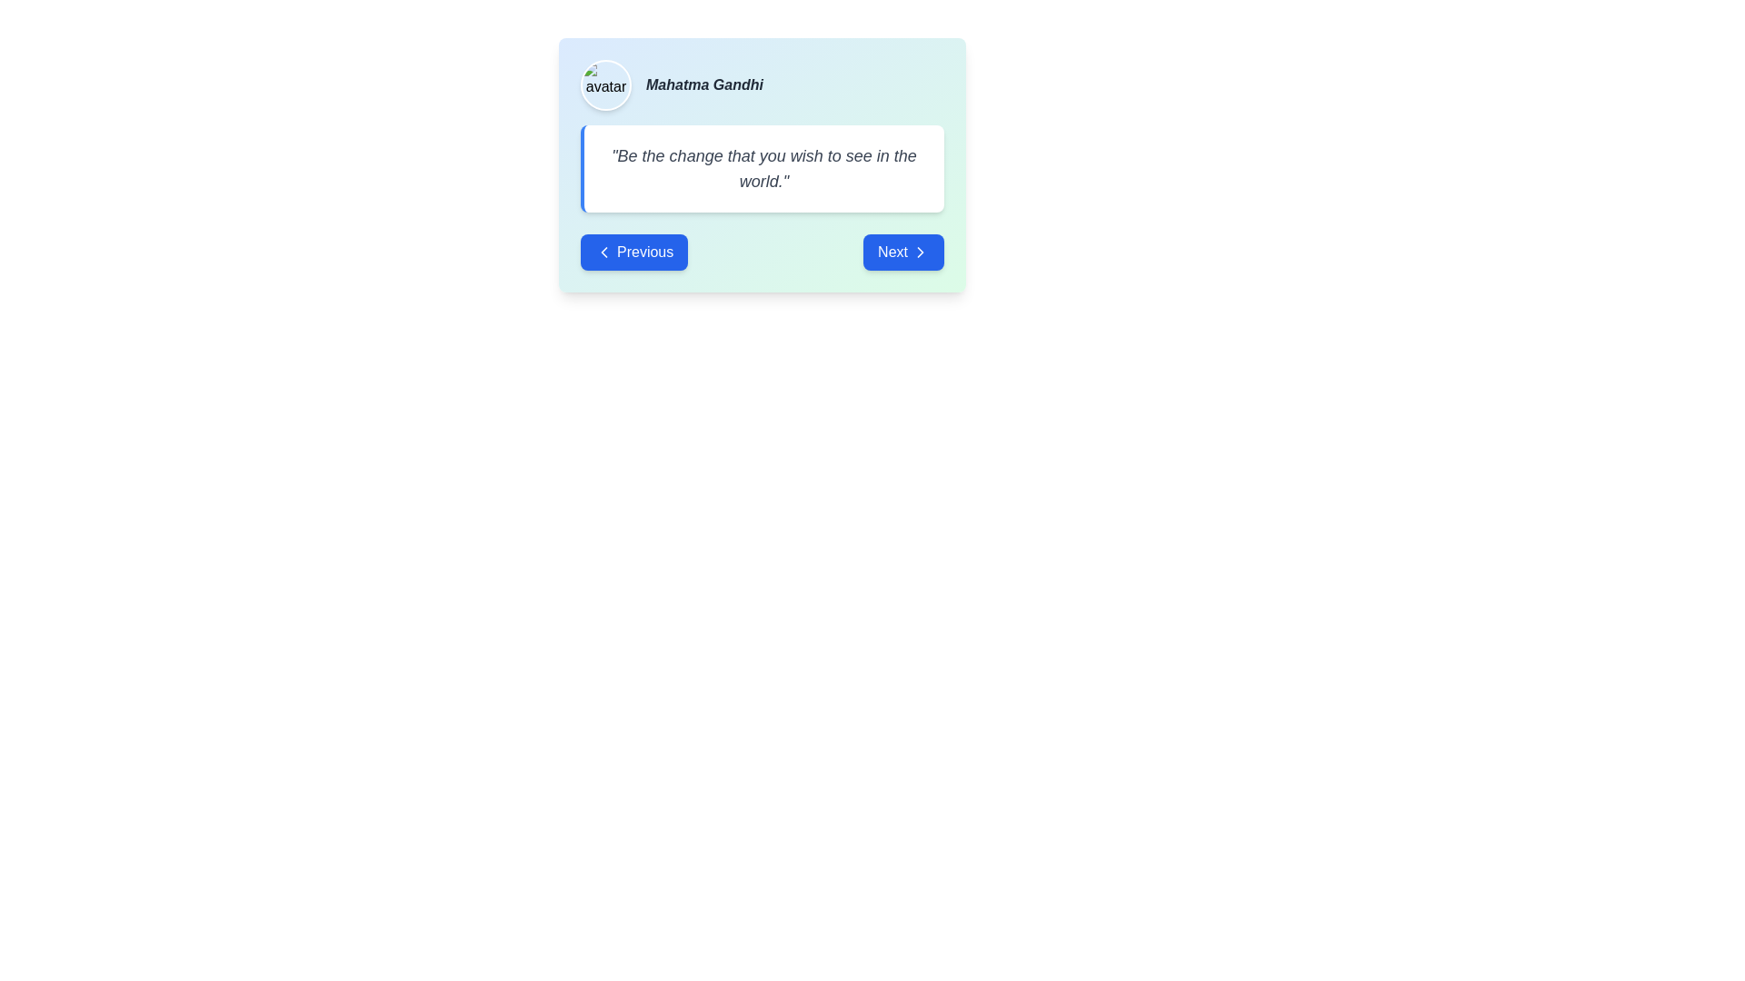 This screenshot has width=1745, height=981. Describe the element at coordinates (703, 84) in the screenshot. I see `text label displaying 'Mahatma Gandhi' located on the card interface, styled in gray, italicized, and bold` at that location.